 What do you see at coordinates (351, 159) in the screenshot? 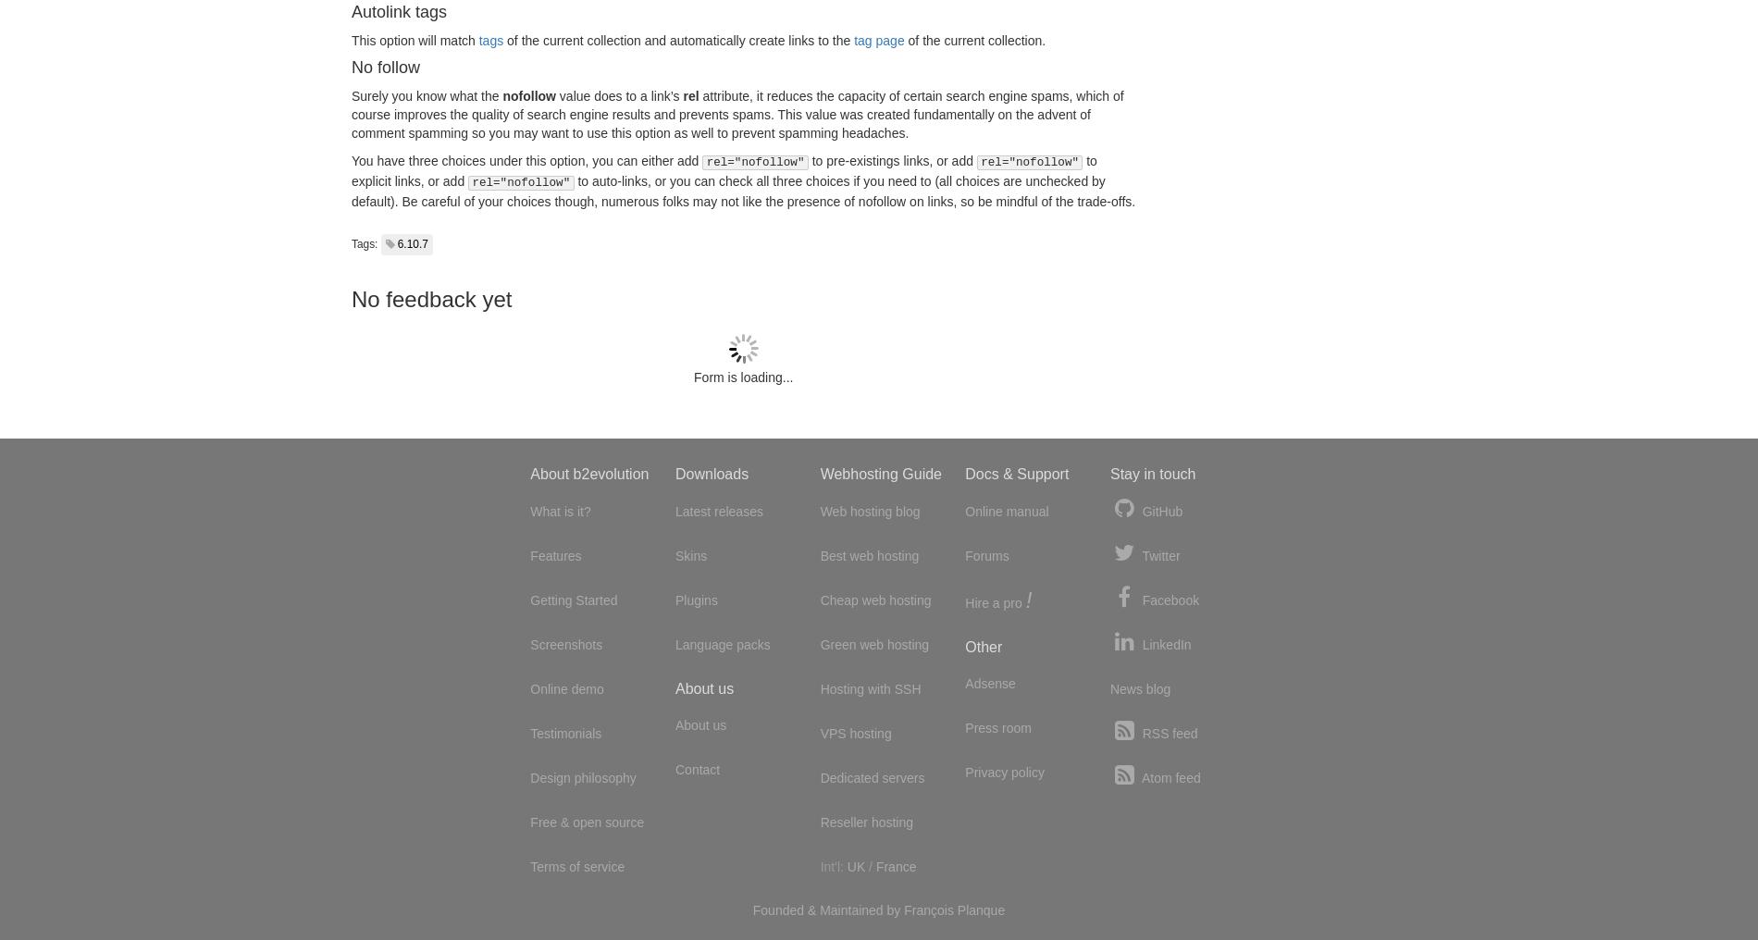
I see `'You have three choices under this option, you can either add'` at bounding box center [351, 159].